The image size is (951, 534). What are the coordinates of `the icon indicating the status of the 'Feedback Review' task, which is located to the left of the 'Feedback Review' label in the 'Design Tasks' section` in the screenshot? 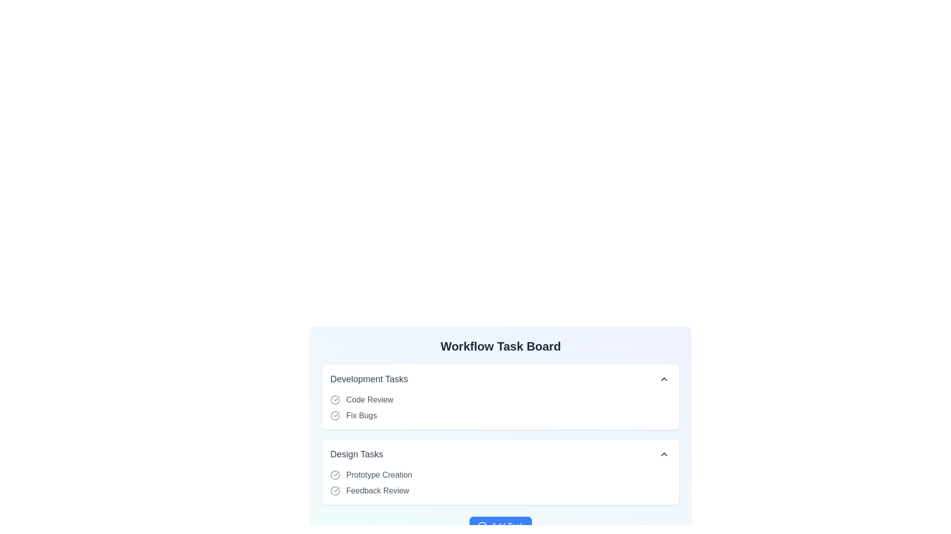 It's located at (335, 490).